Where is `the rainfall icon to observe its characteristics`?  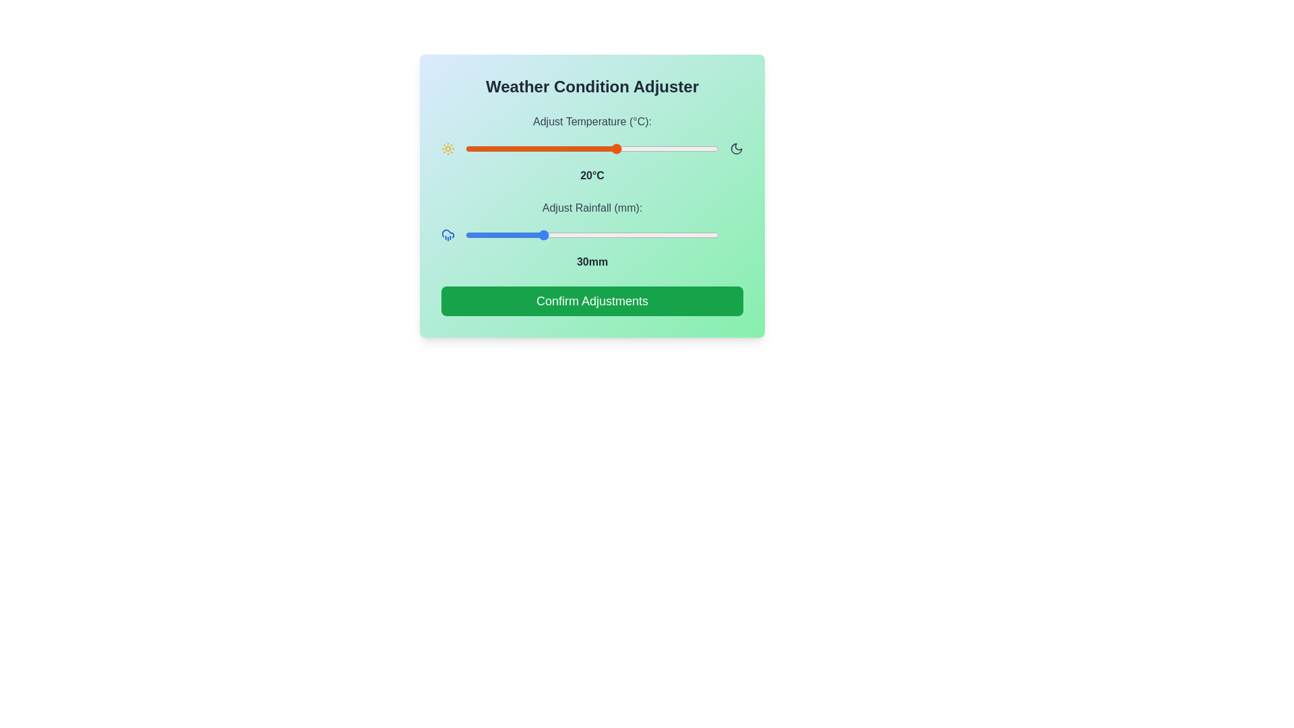 the rainfall icon to observe its characteristics is located at coordinates (448, 234).